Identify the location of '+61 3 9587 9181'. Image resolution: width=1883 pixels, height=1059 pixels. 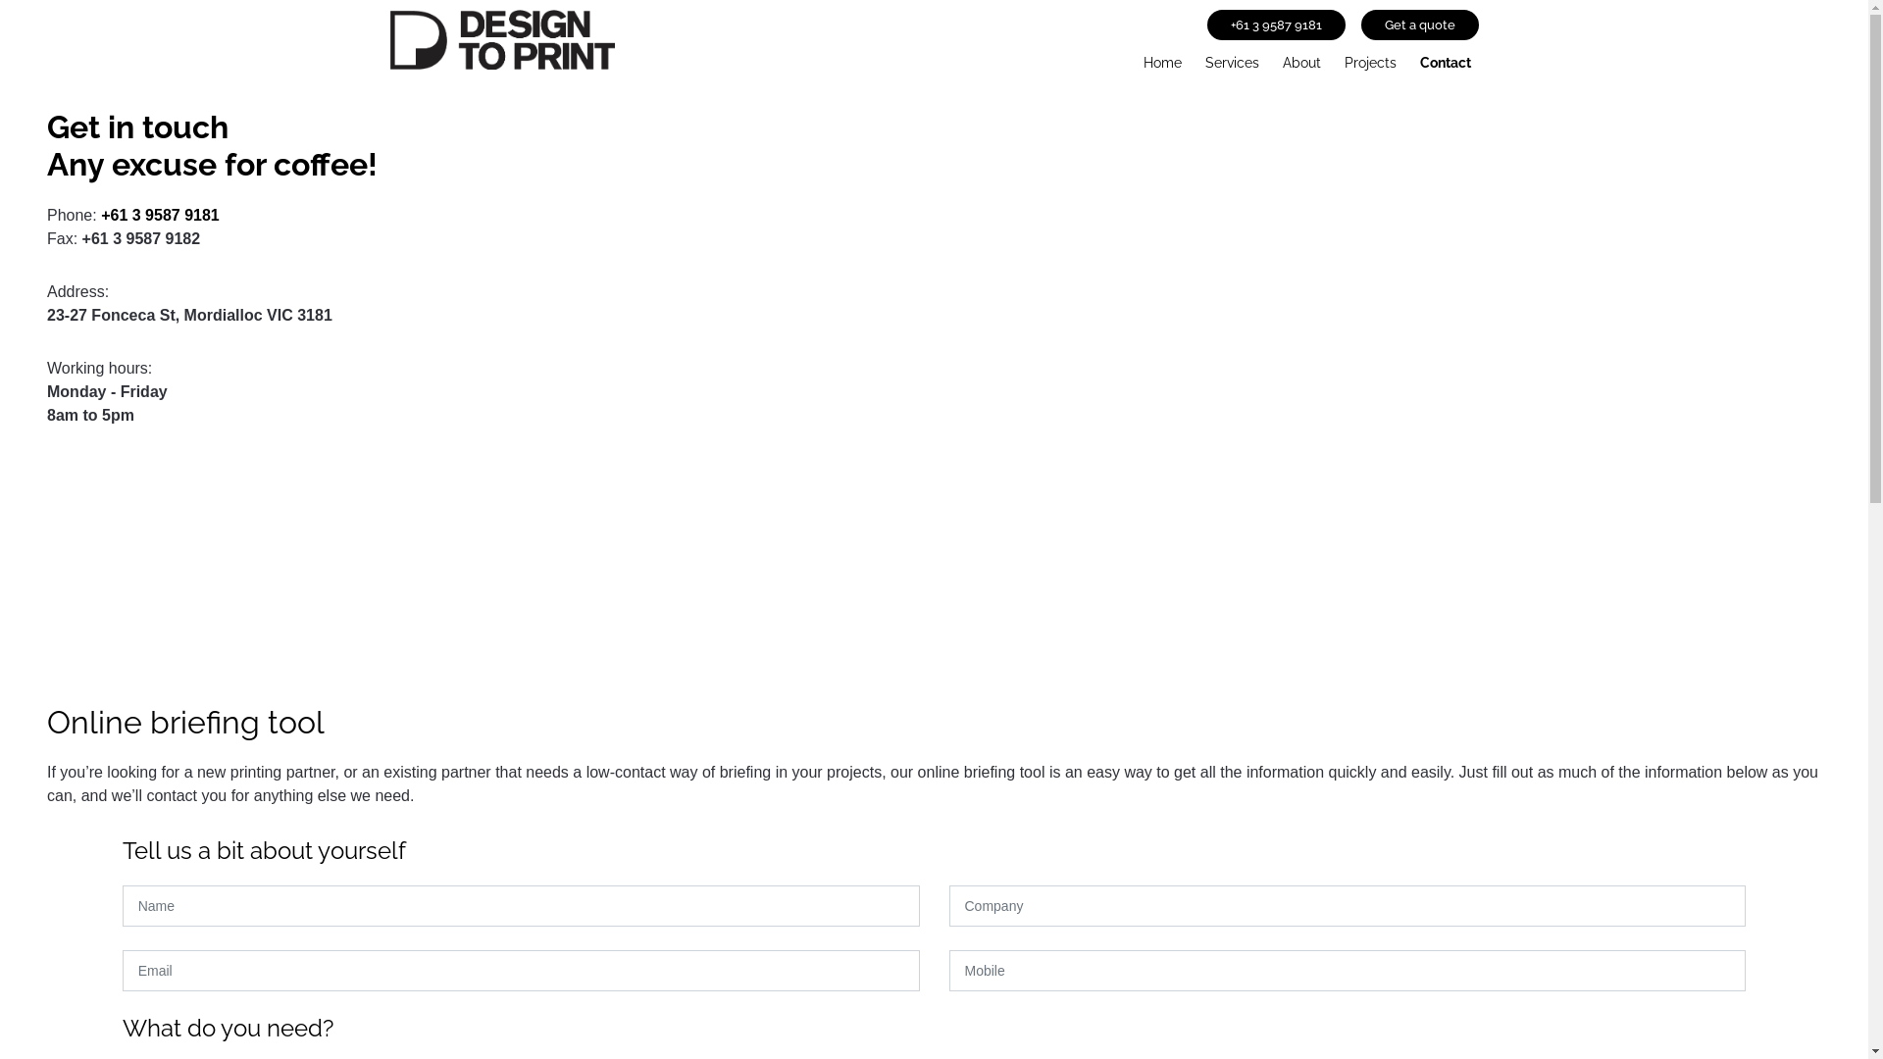
(99, 215).